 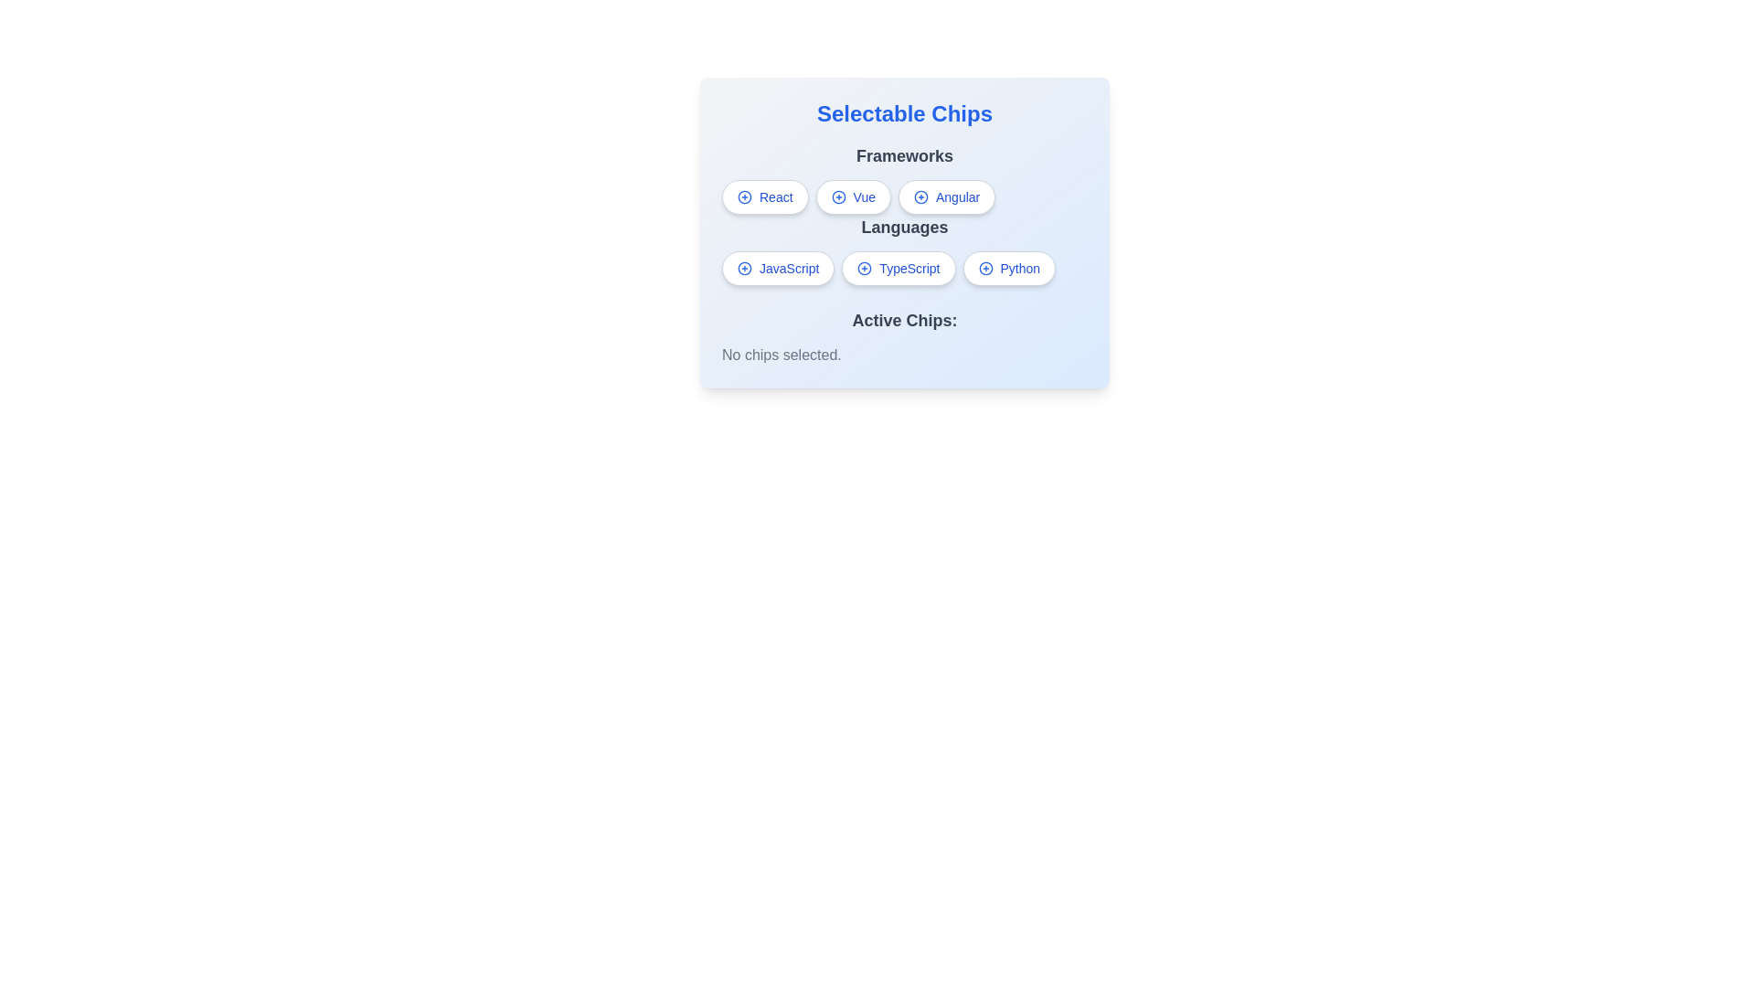 What do you see at coordinates (899, 268) in the screenshot?
I see `the 'TypeScript' button, which is a rounded rectangle with blue text and a plus sign icon, located in the 'Languages' section between 'JavaScript' and 'Python'` at bounding box center [899, 268].